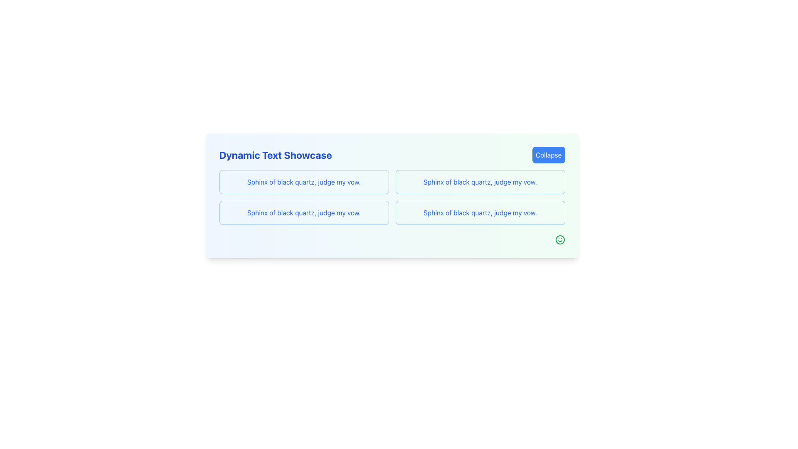  Describe the element at coordinates (480, 212) in the screenshot. I see `the Static Text element located in the bottom-right section of the grid framework, specifically in the second row and second column, which displays text for user readability` at that location.